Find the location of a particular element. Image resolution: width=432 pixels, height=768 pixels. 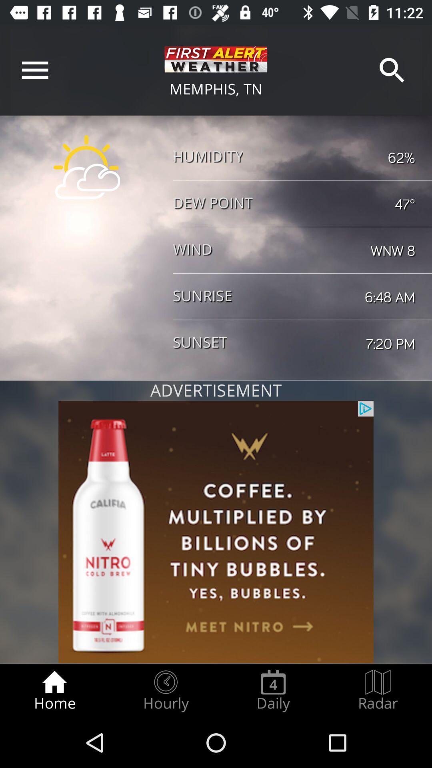

item next to hourly radio button is located at coordinates (54, 690).